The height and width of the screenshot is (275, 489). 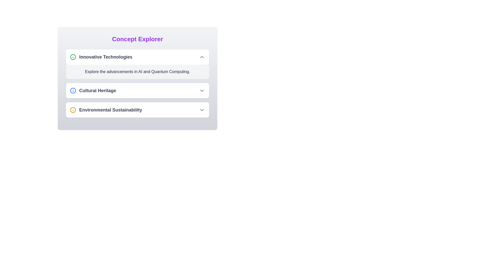 I want to click on the circular shape graphic component within the SVG icon preceding the text 'Environmental Sustainability', so click(x=73, y=110).